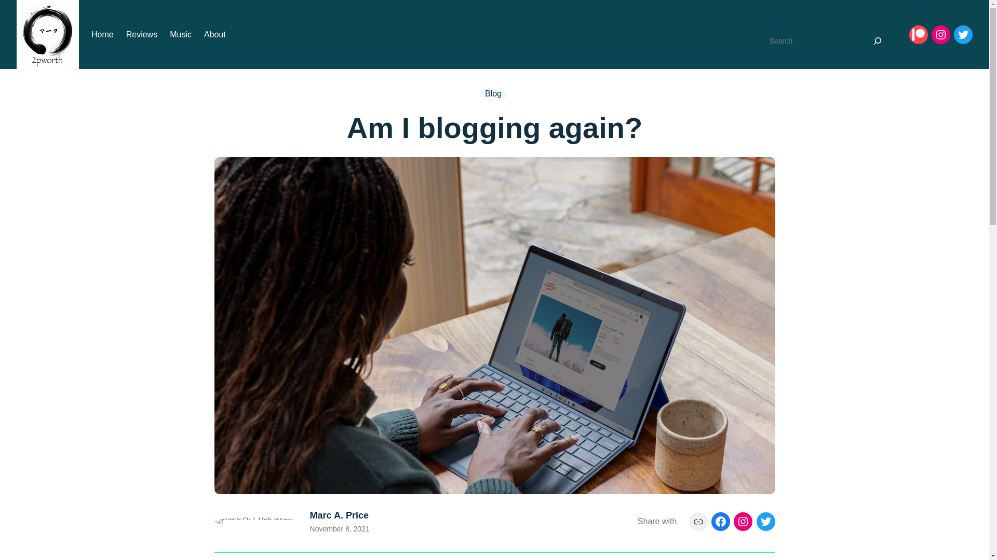 Image resolution: width=997 pixels, height=560 pixels. Describe the element at coordinates (940, 34) in the screenshot. I see `'Instagram'` at that location.